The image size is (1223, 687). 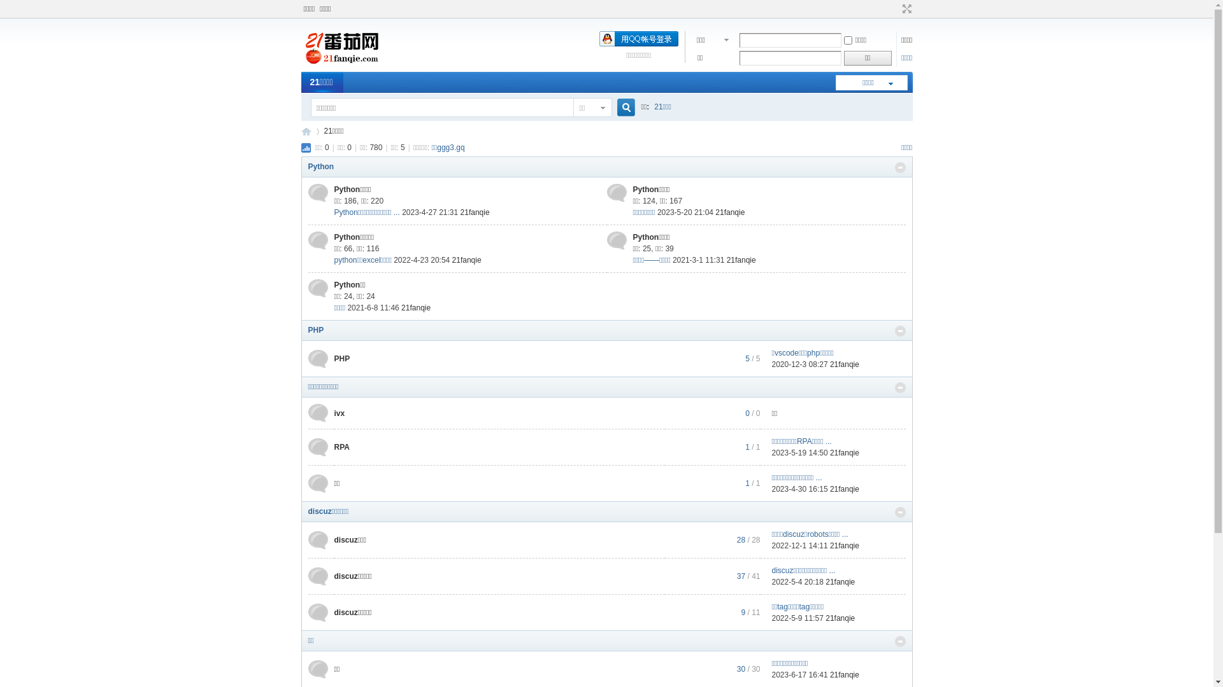 What do you see at coordinates (620, 107) in the screenshot?
I see `'true'` at bounding box center [620, 107].